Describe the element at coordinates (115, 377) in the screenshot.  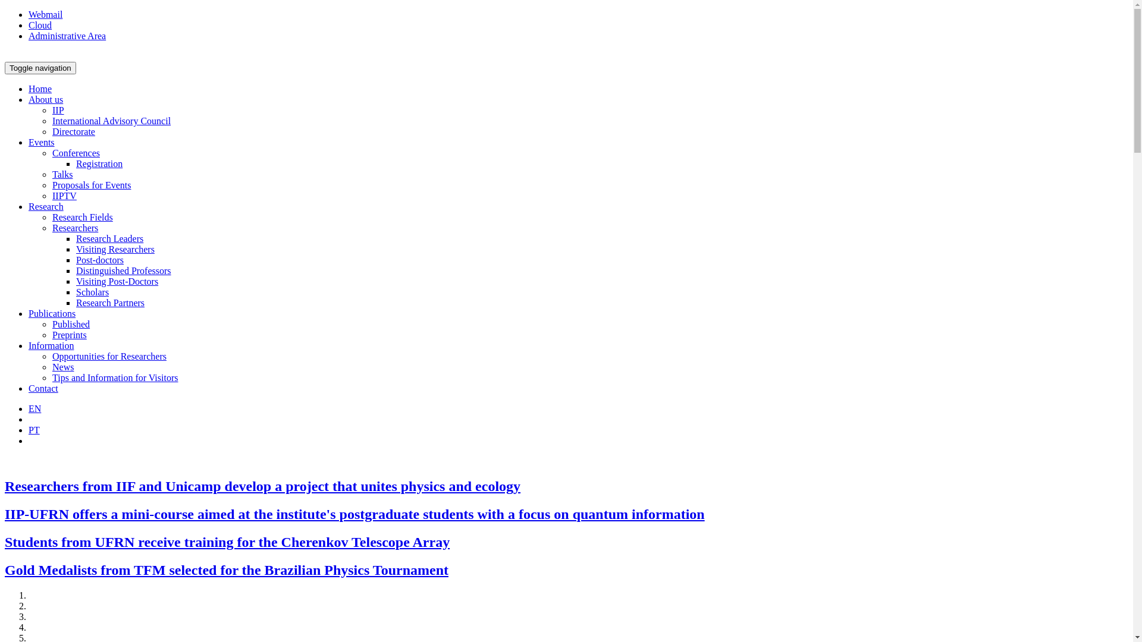
I see `'Tips and Information for Visitors'` at that location.